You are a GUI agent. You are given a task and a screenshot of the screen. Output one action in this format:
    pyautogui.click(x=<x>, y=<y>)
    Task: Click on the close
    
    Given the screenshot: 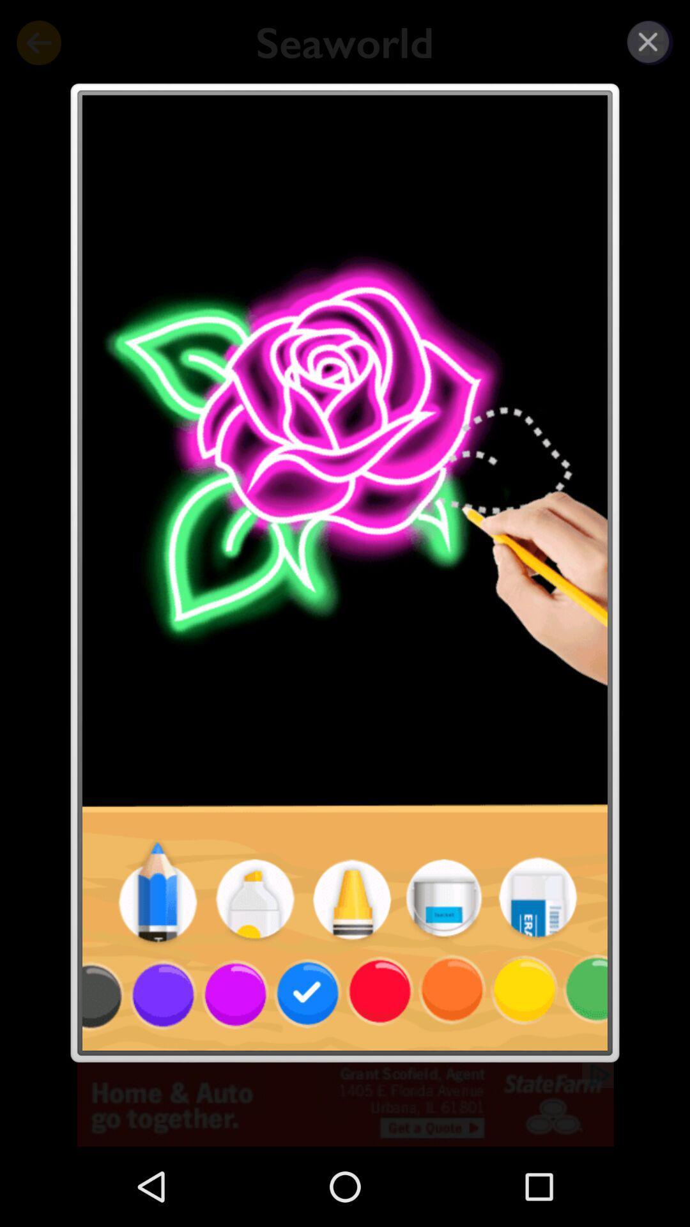 What is the action you would take?
    pyautogui.click(x=648, y=42)
    